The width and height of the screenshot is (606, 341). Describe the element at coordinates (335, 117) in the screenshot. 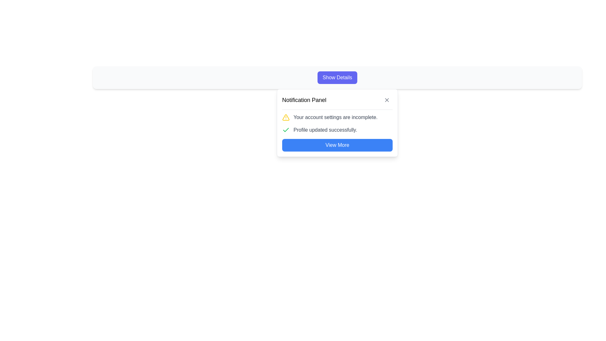

I see `the notification text label that alerts the user about incomplete account settings, located near the top section of the notification panel, to the right of a yellow warning icon` at that location.